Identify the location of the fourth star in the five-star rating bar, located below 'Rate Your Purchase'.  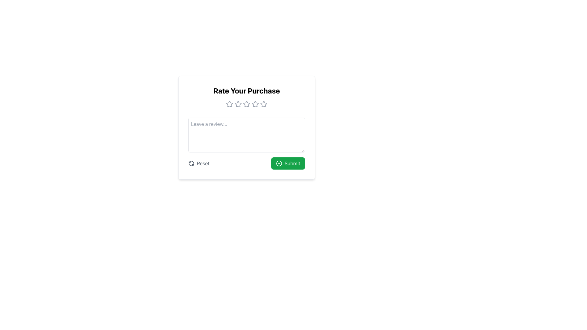
(255, 104).